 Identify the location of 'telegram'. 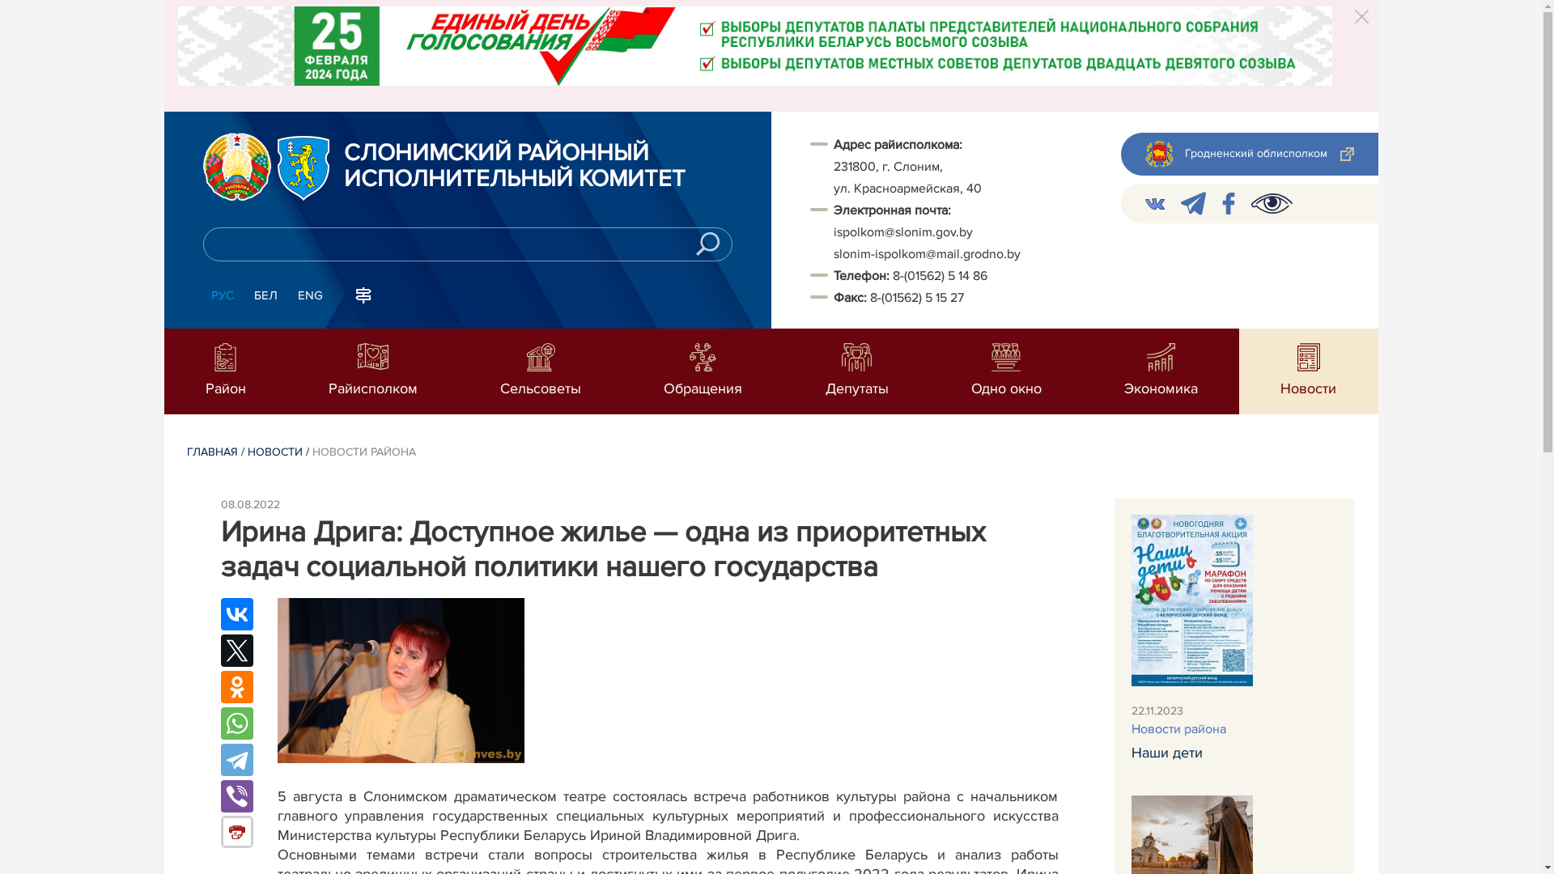
(1192, 202).